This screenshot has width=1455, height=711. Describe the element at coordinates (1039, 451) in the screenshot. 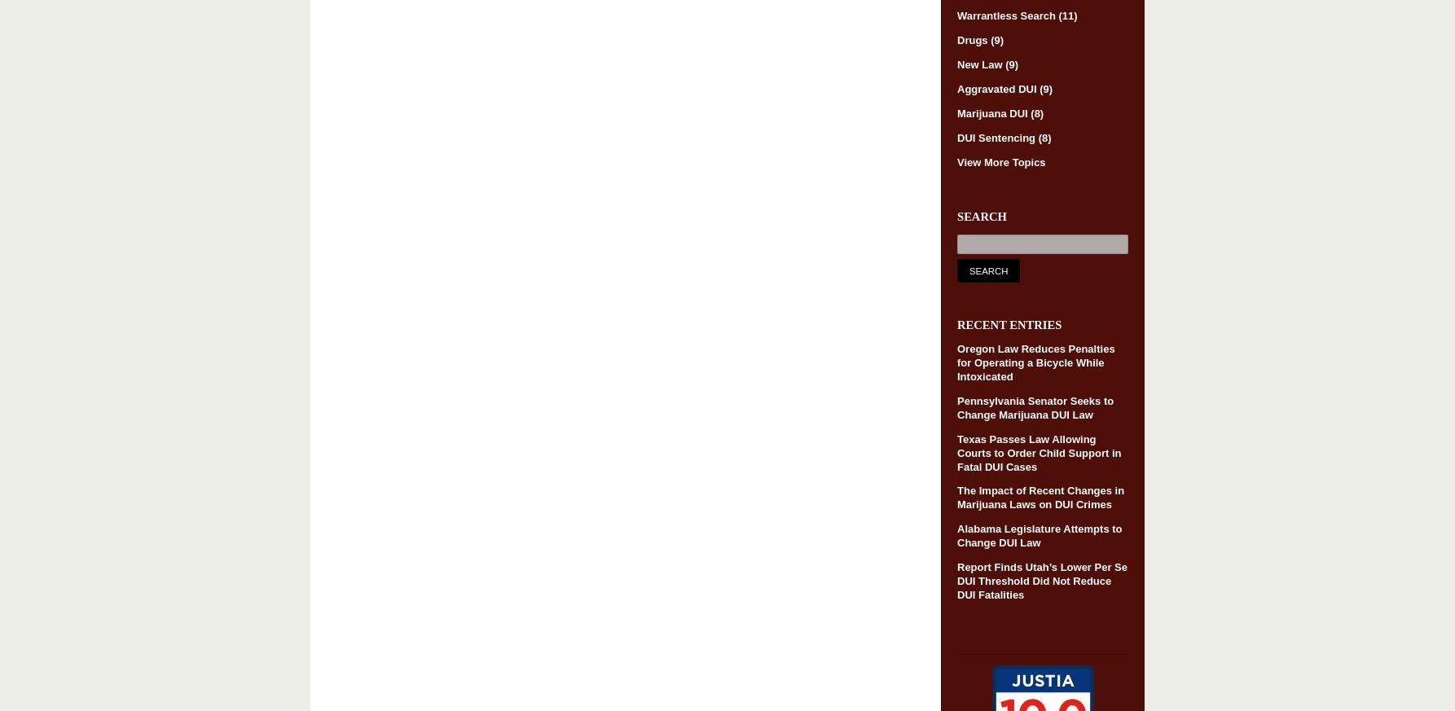

I see `'Texas Passes Law Allowing Courts to Order Child Support in Fatal DUI Cases'` at that location.